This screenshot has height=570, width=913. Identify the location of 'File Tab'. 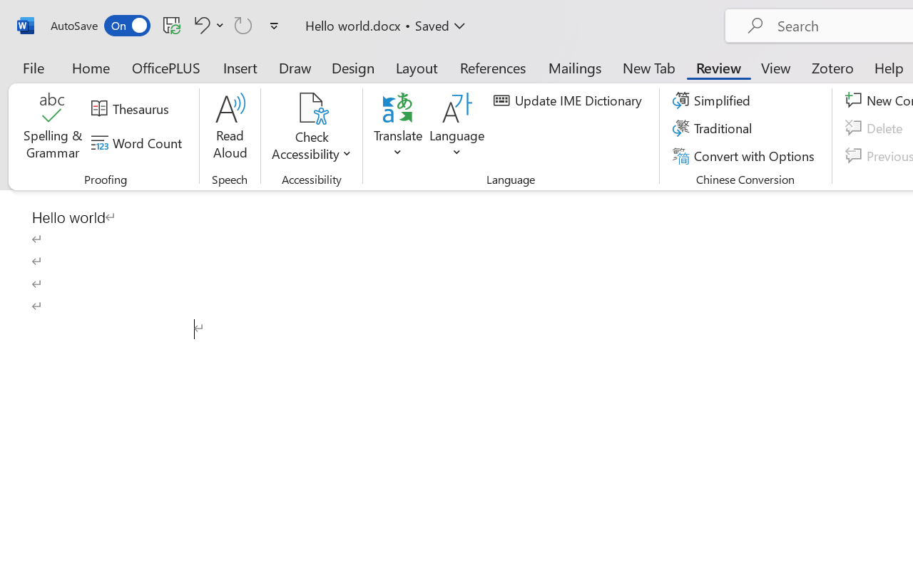
(33, 67).